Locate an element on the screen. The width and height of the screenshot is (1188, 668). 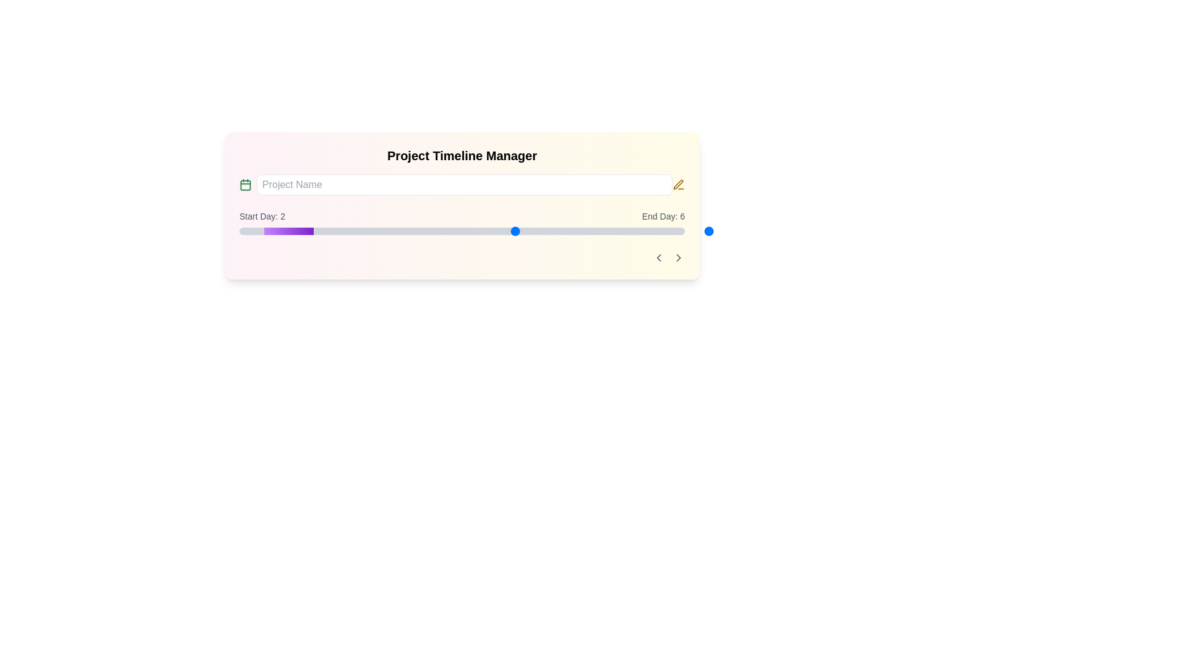
the left-pointing chevron-shaped icon is located at coordinates (658, 257).